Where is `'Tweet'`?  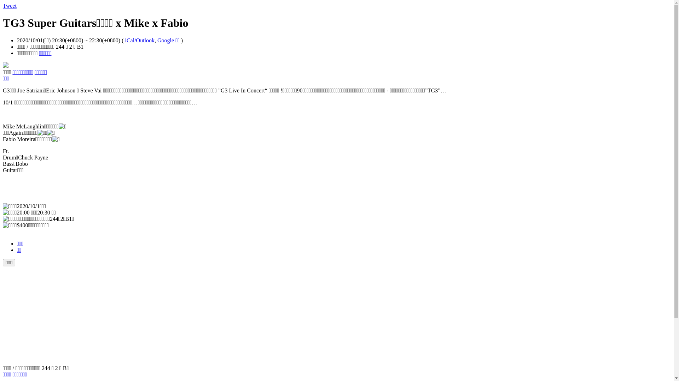
'Tweet' is located at coordinates (10, 6).